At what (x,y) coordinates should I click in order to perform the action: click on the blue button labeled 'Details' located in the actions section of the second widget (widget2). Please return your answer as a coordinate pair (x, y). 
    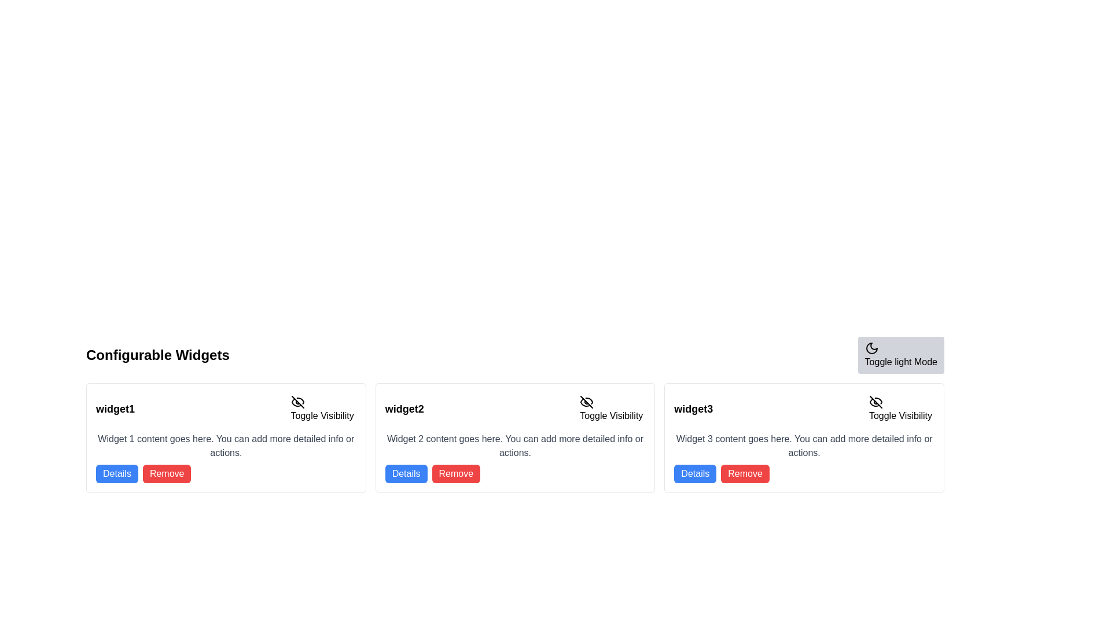
    Looking at the image, I should click on (406, 473).